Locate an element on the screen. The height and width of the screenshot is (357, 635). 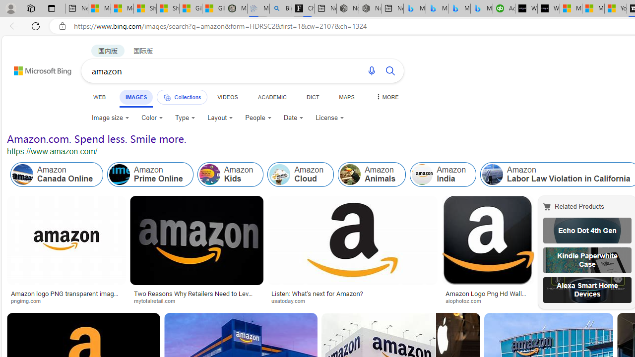
'aiophotoz.com' is located at coordinates (466, 300).